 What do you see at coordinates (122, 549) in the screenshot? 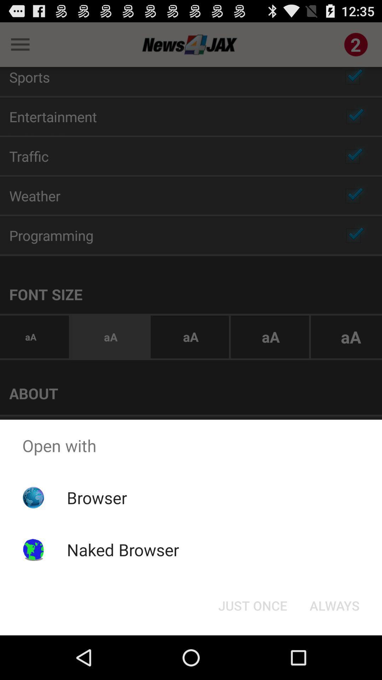
I see `naked browser icon` at bounding box center [122, 549].